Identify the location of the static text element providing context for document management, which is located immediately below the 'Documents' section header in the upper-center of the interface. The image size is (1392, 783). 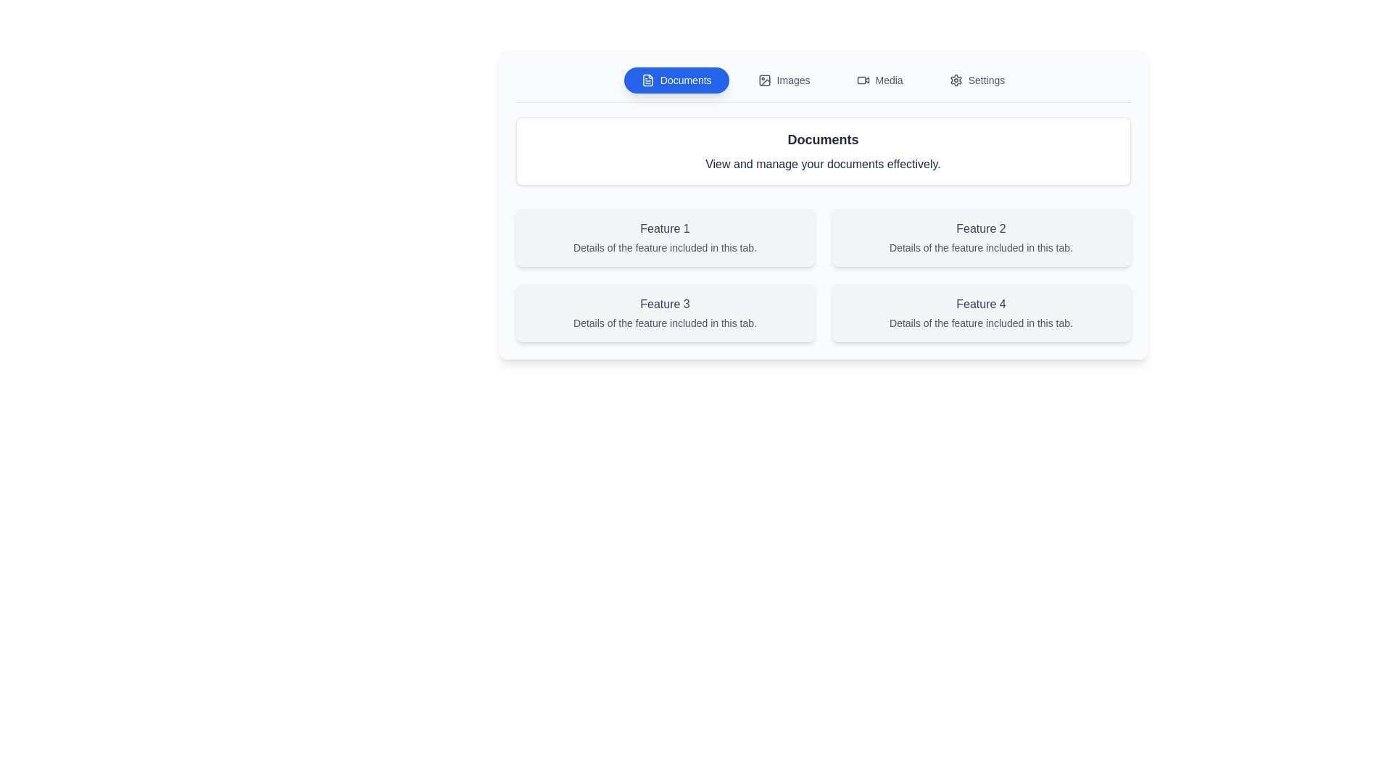
(823, 164).